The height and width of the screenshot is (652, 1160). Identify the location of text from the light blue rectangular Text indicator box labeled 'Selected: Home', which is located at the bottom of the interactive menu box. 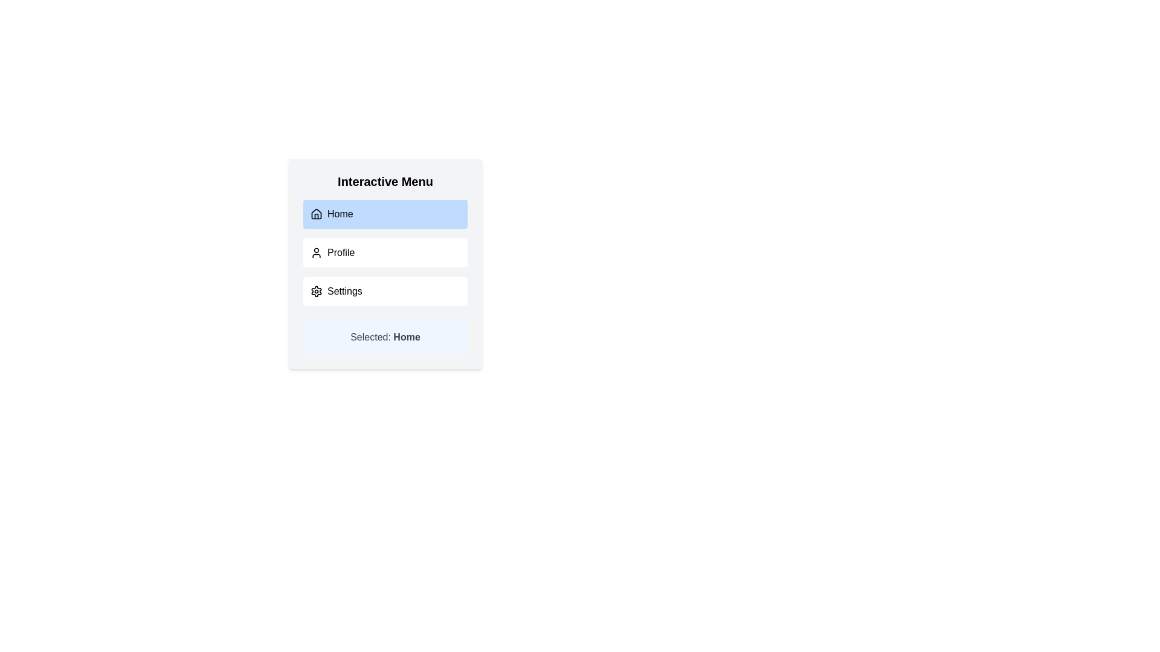
(385, 337).